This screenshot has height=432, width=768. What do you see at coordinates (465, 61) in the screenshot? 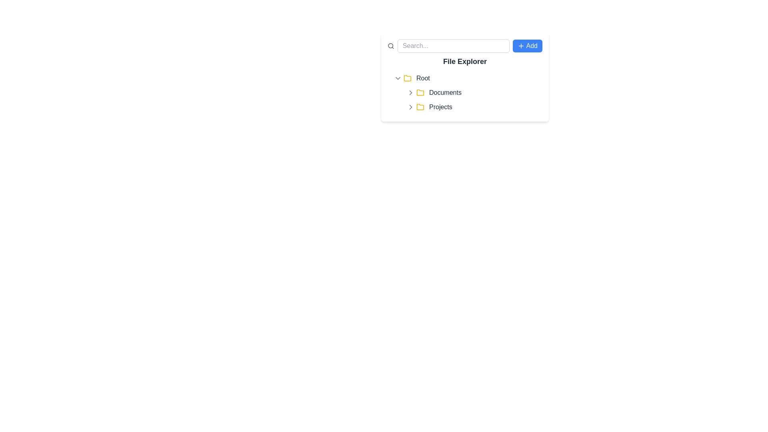
I see `the Text Label that serves as a title for the file explorer section, located centrally below the search bar and 'Add' button` at bounding box center [465, 61].